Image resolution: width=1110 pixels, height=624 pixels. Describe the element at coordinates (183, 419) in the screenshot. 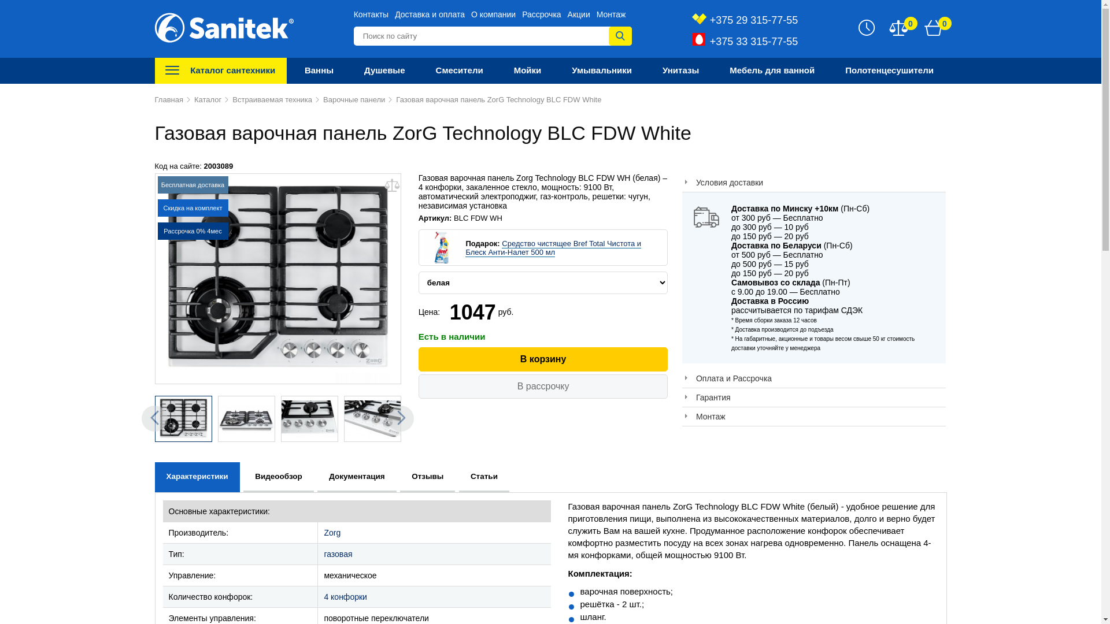

I see `' '` at that location.